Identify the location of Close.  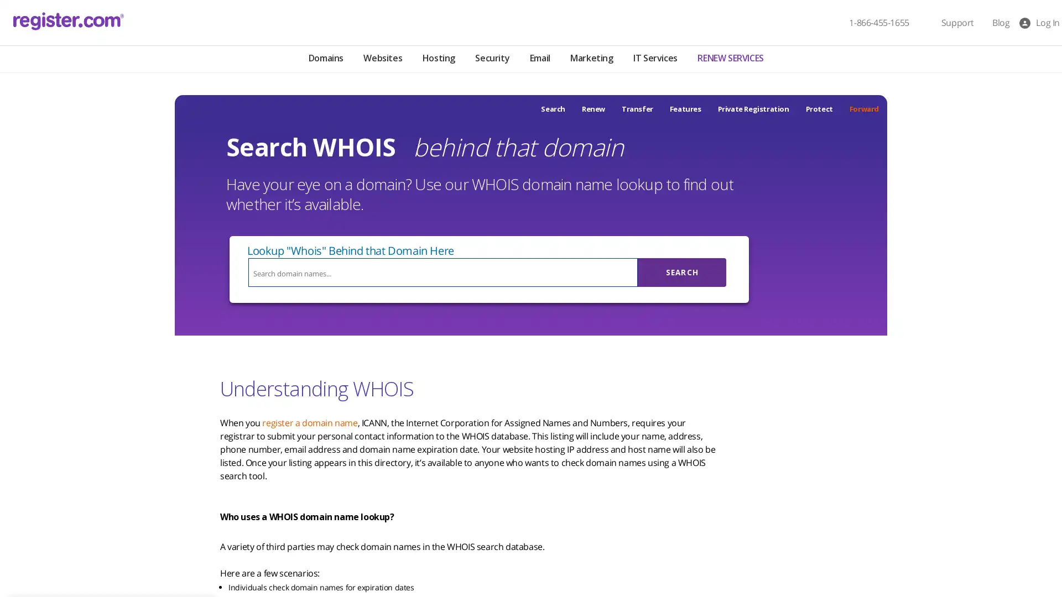
(202, 444).